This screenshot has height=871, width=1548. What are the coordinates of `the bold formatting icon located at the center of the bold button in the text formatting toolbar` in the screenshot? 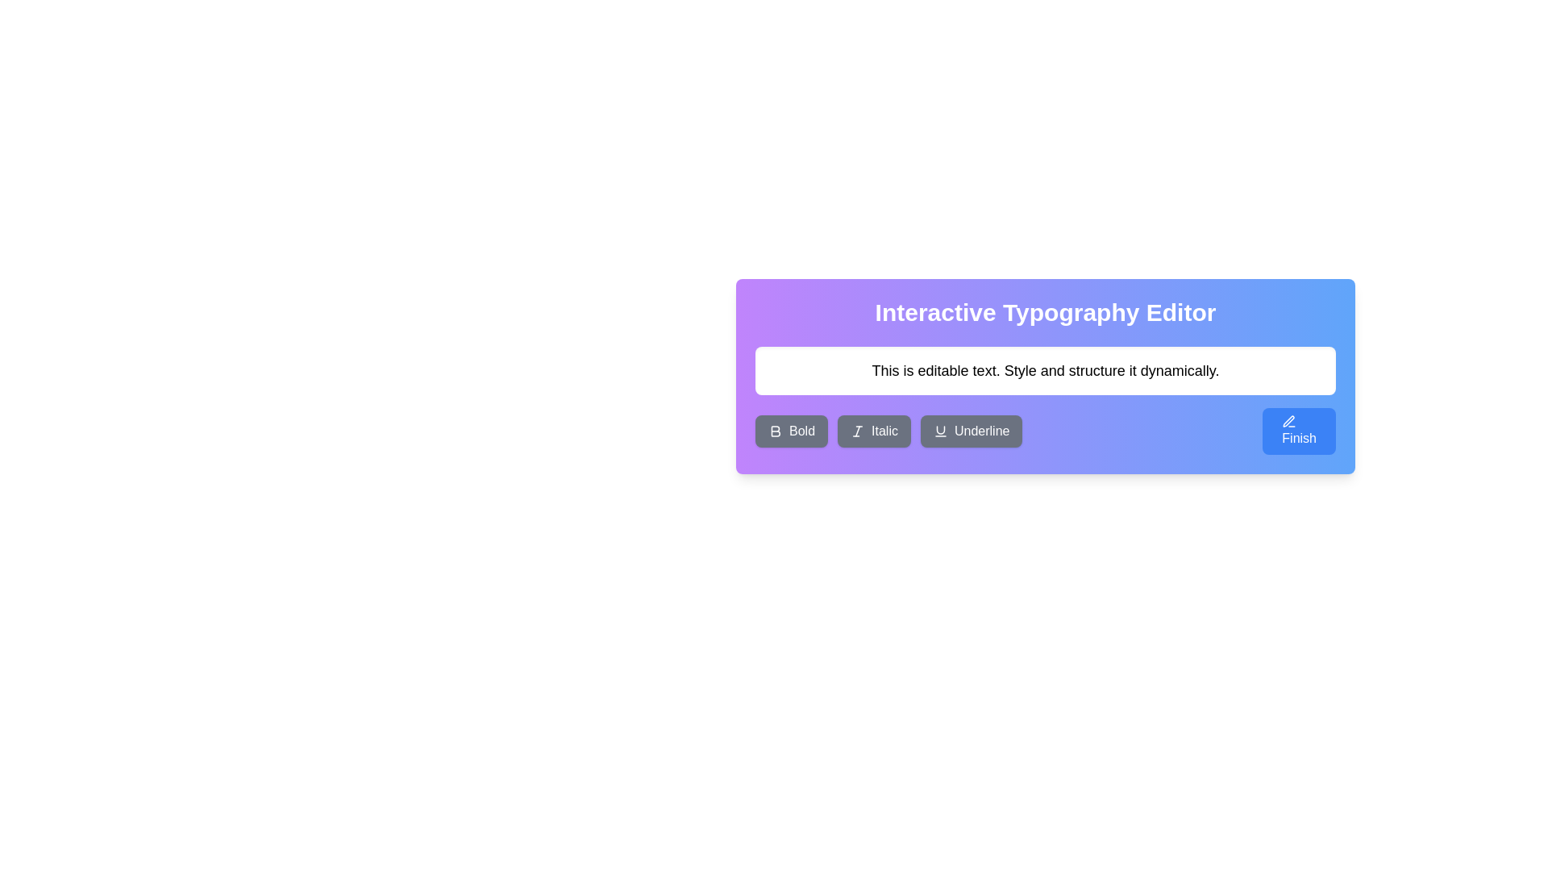 It's located at (776, 431).